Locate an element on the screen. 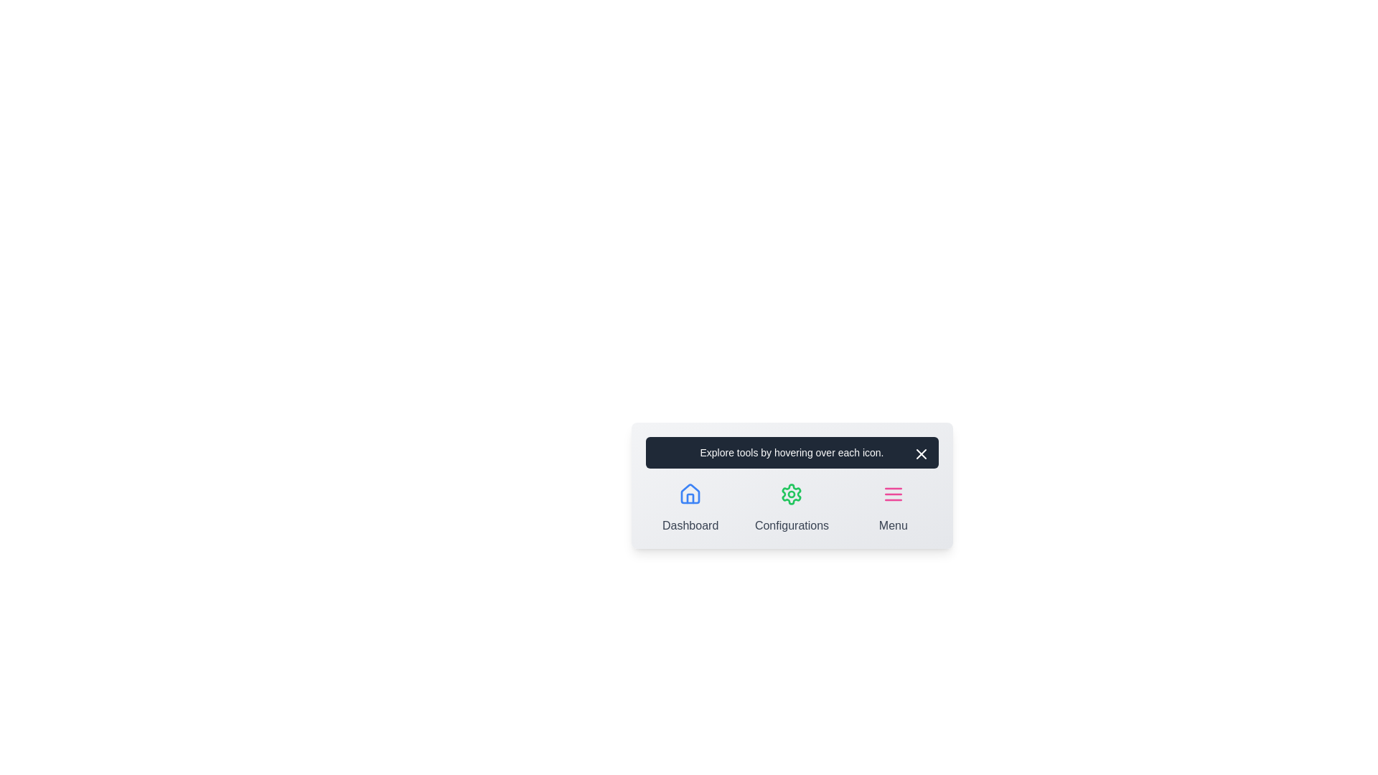 Image resolution: width=1378 pixels, height=775 pixels. displayed text in the informational tooltip located at the top center of the card-like structure above the modules labeled Dashboard, Configurations, and Menu is located at coordinates (791, 453).